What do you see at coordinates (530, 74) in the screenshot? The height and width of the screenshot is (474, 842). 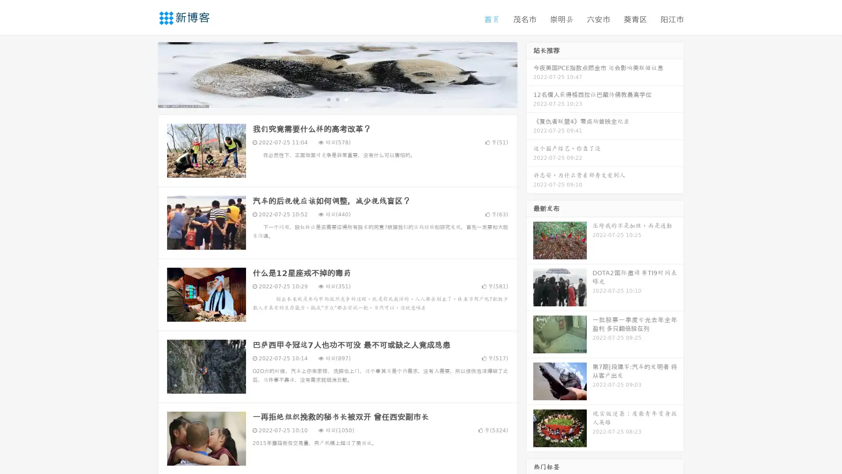 I see `Next slide` at bounding box center [530, 74].